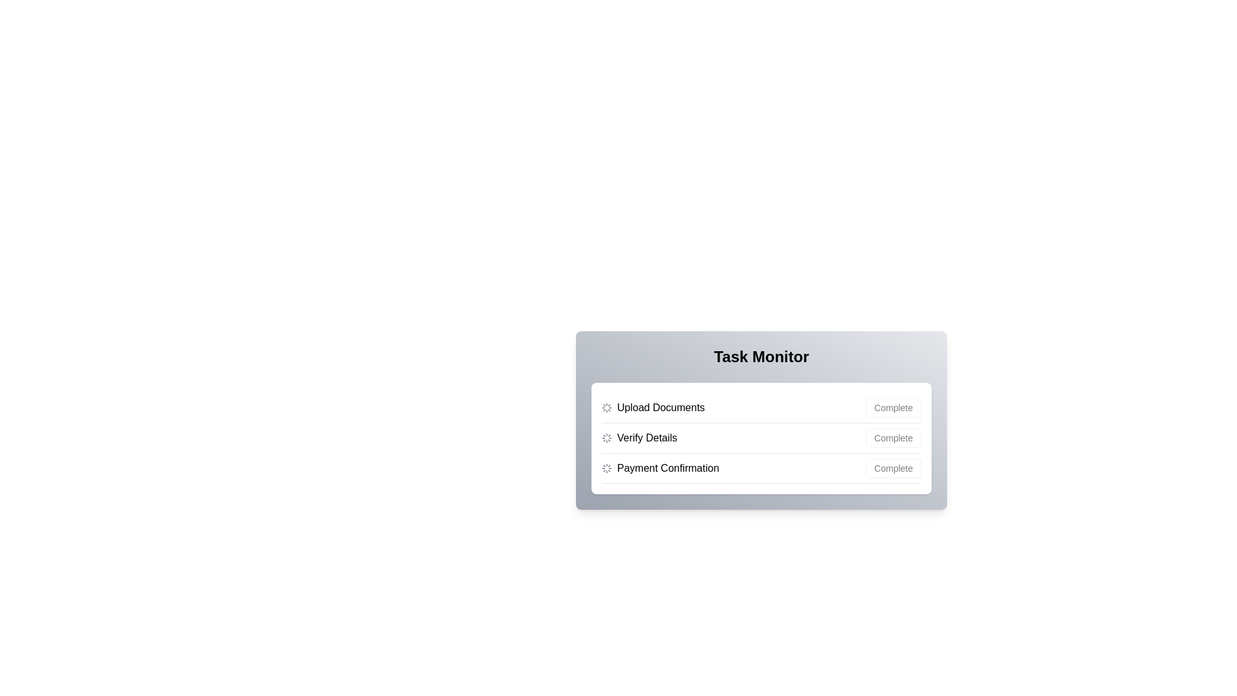 This screenshot has width=1237, height=696. I want to click on the disabled button located on the right side of the 'Payment Confirmation' row within the 'Task Monitor' panel, which is styled to indicate it is not interactable, so click(893, 468).